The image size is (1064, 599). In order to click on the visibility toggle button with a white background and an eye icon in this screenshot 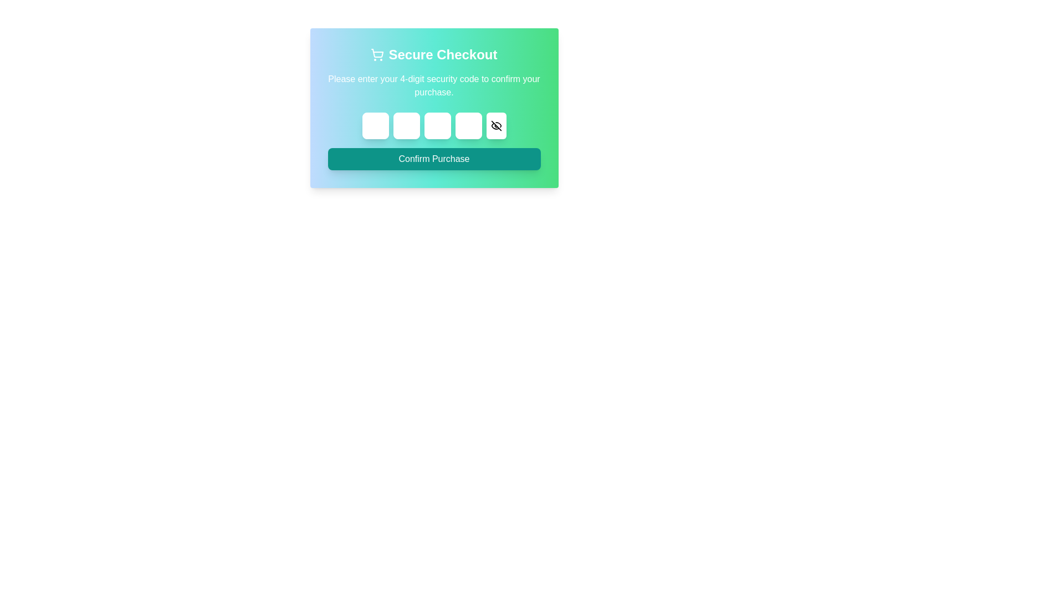, I will do `click(495, 125)`.